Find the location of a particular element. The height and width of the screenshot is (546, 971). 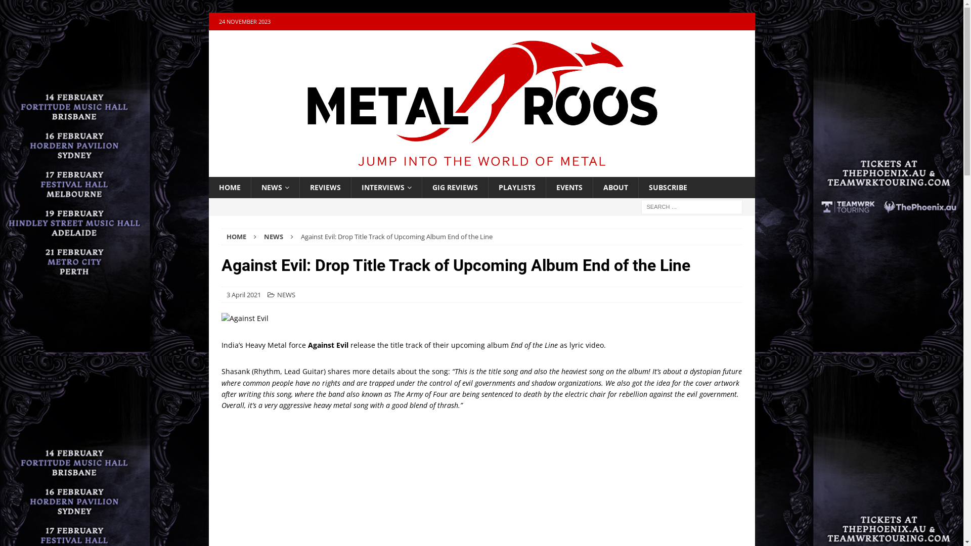

'EVENTS' is located at coordinates (568, 187).